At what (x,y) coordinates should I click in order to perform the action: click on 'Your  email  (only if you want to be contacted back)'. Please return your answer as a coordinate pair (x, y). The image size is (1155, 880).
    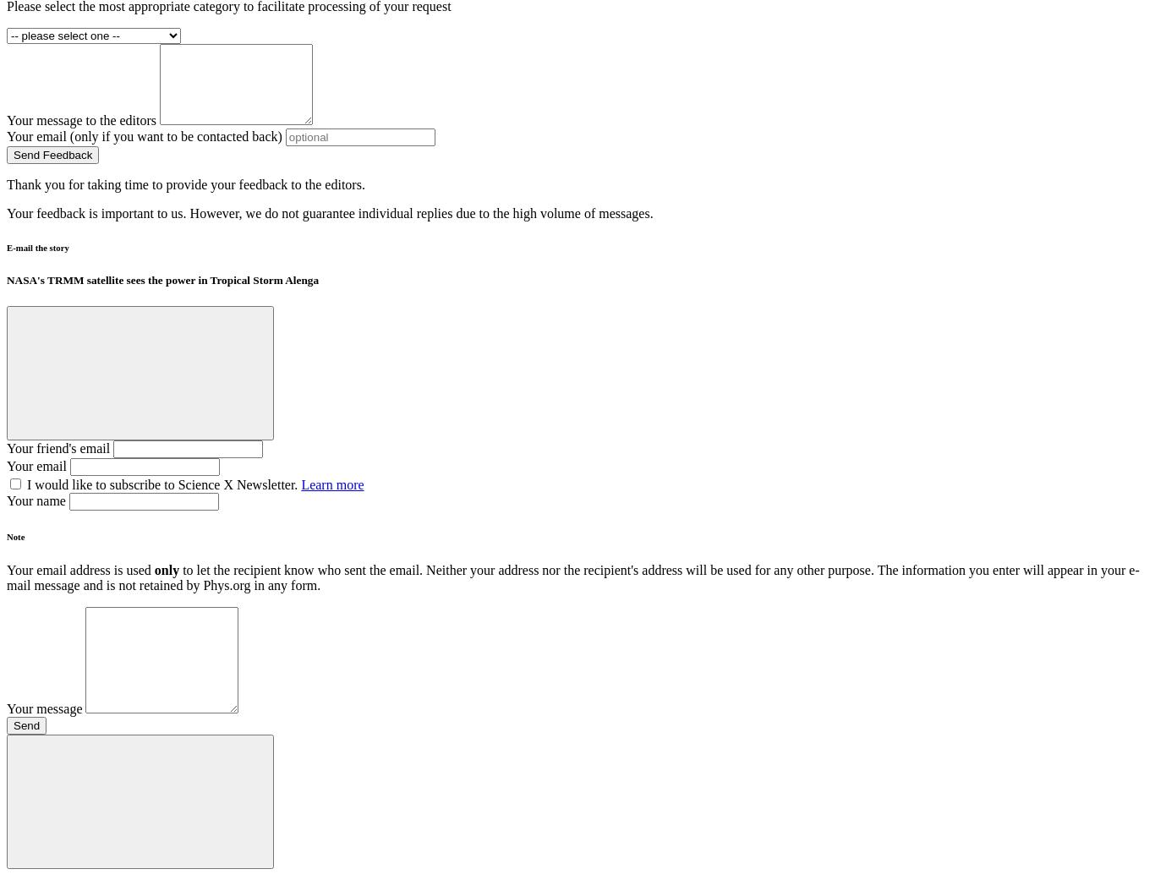
    Looking at the image, I should click on (7, 135).